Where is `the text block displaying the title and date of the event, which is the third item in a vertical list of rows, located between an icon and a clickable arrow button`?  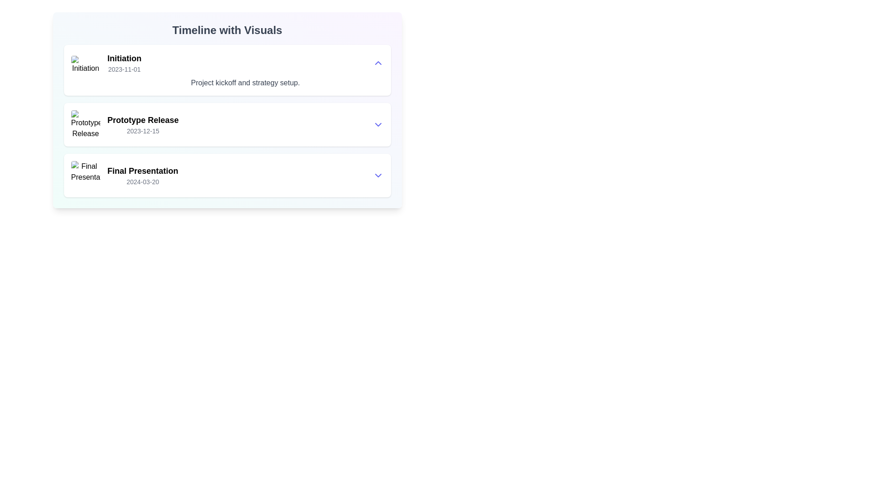 the text block displaying the title and date of the event, which is the third item in a vertical list of rows, located between an icon and a clickable arrow button is located at coordinates (142, 175).